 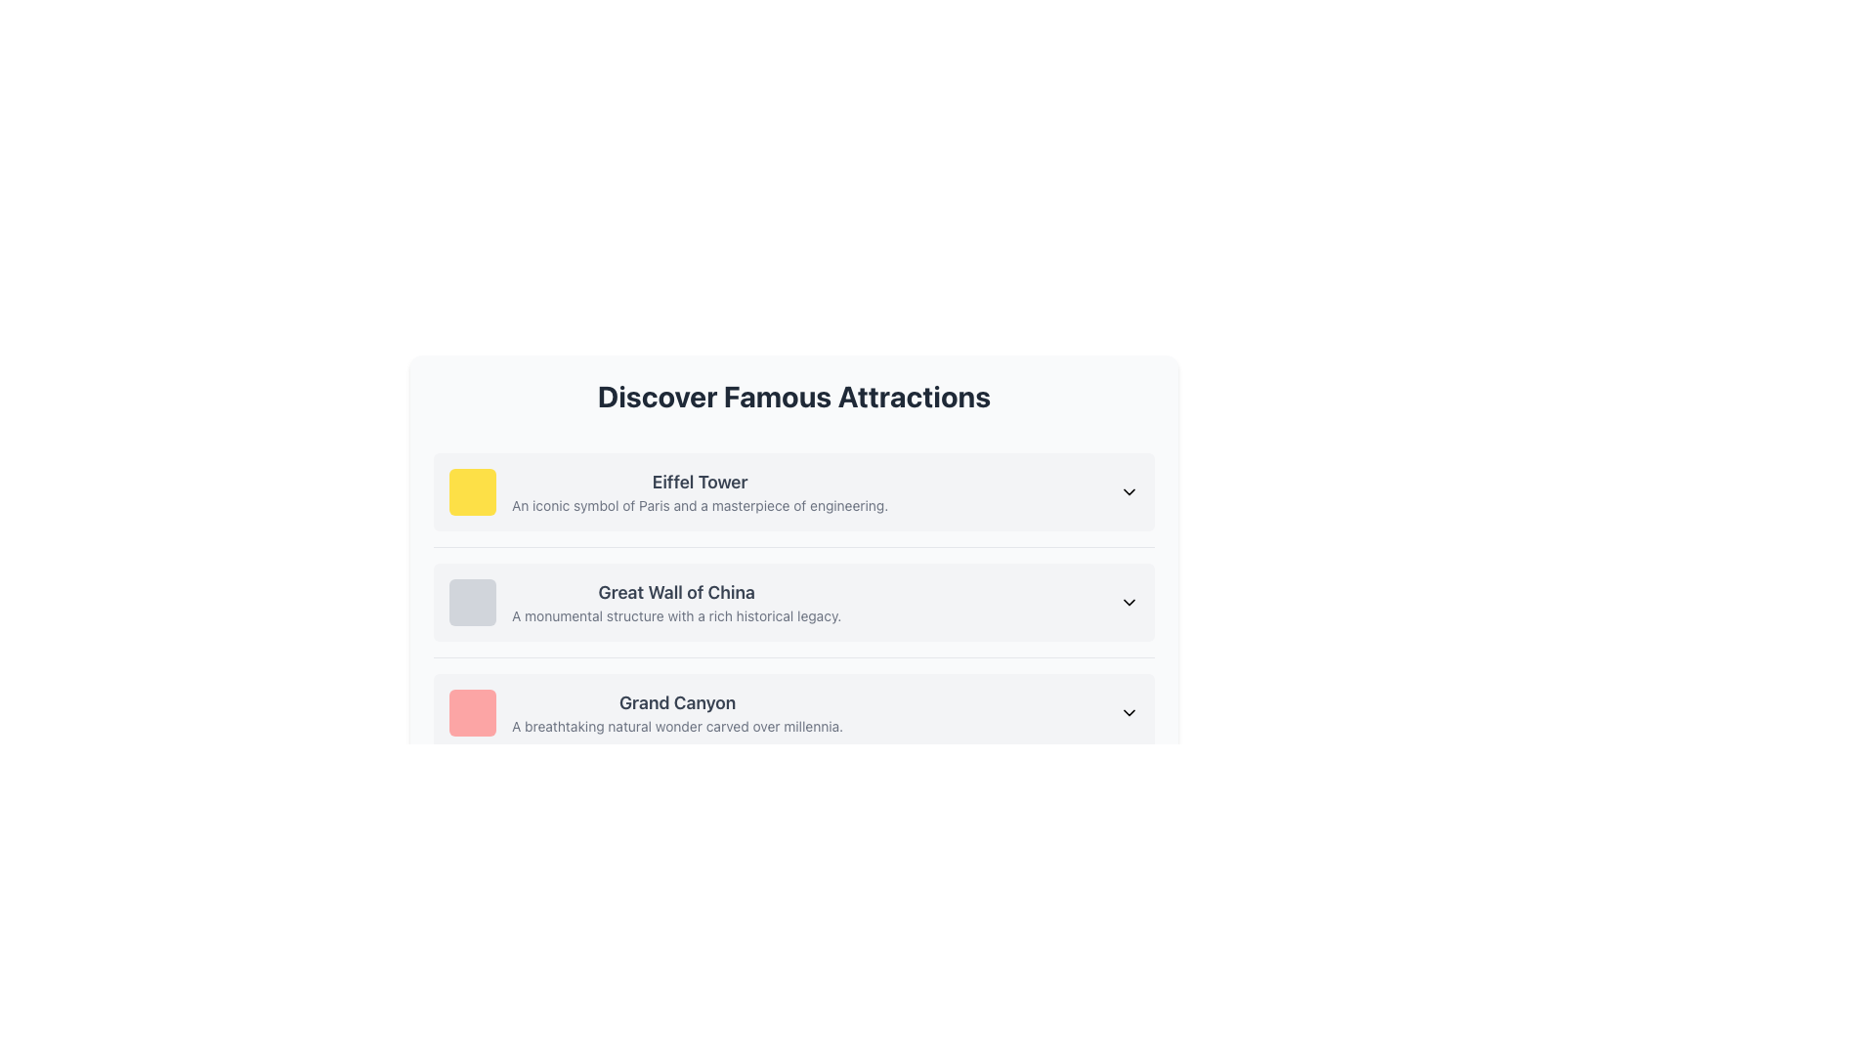 What do you see at coordinates (700, 491) in the screenshot?
I see `the text block that describes the Eiffel Tower, which is the first entry in the 'Discover Famous Attractions' list` at bounding box center [700, 491].